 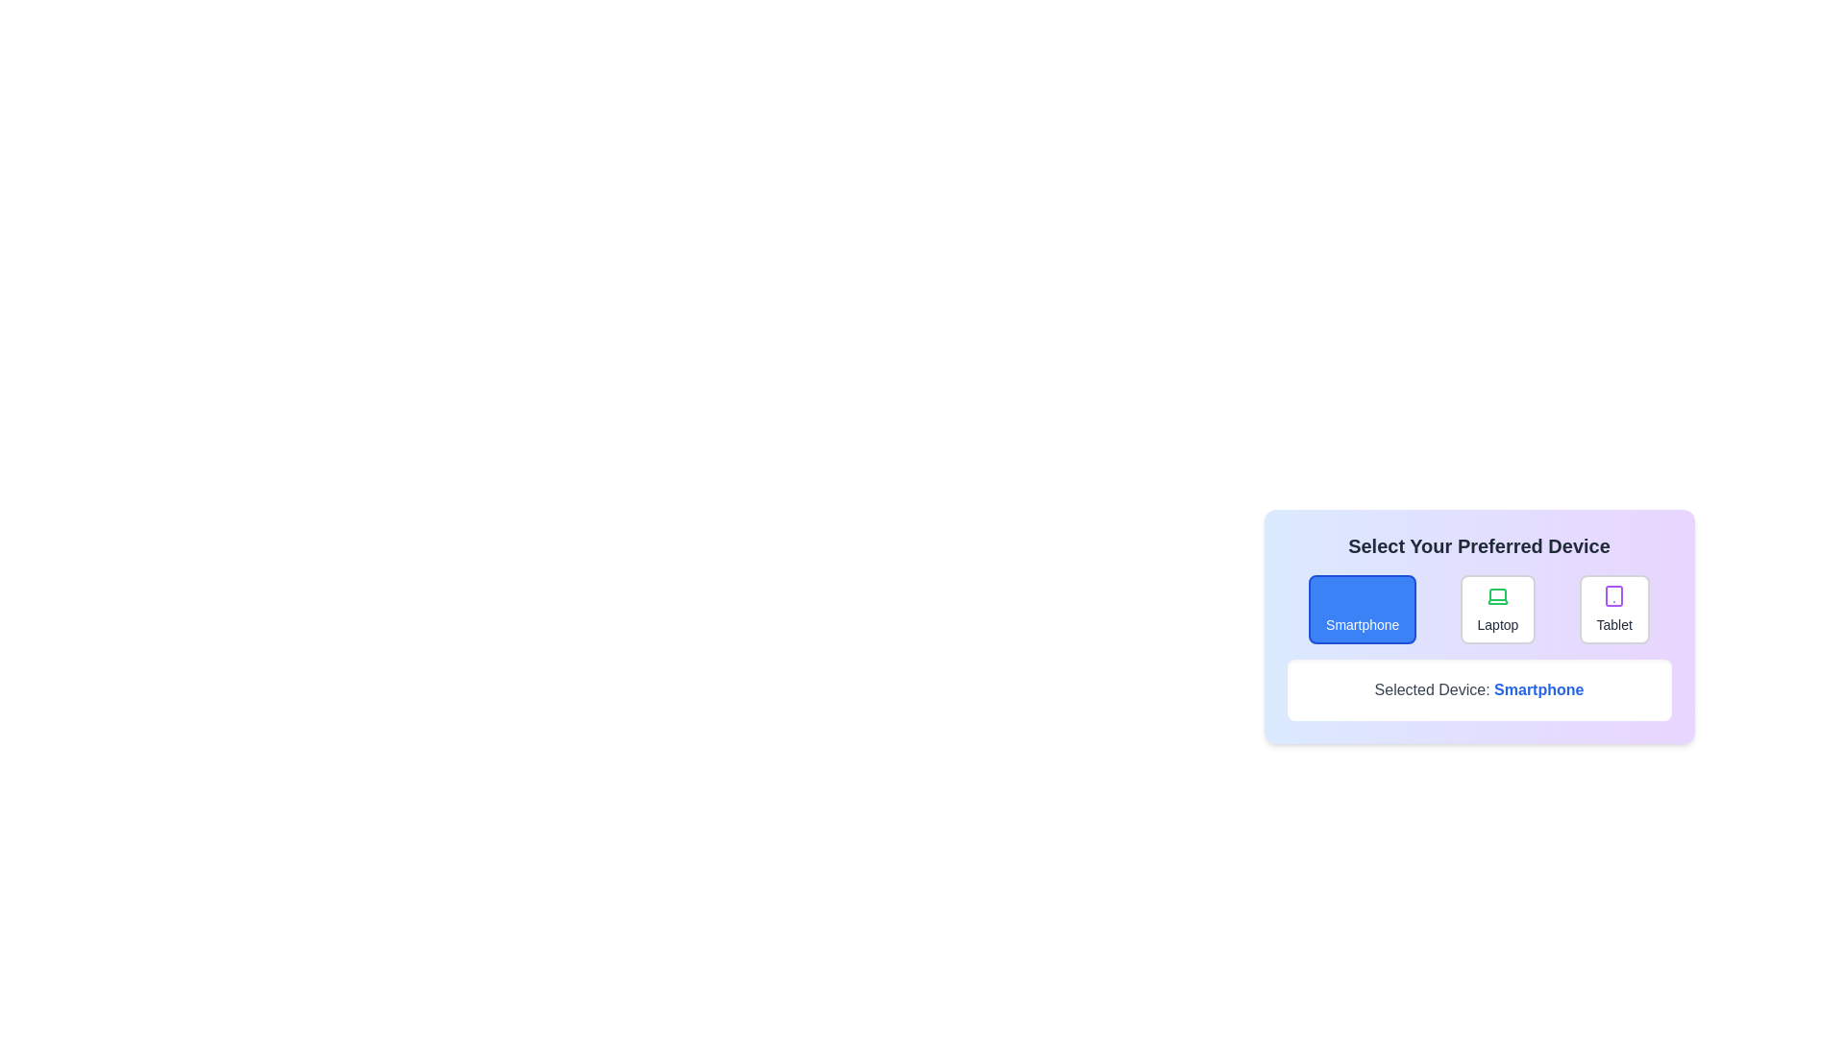 I want to click on the 'Laptop' button in the device selection group to trigger the animation, so click(x=1497, y=610).